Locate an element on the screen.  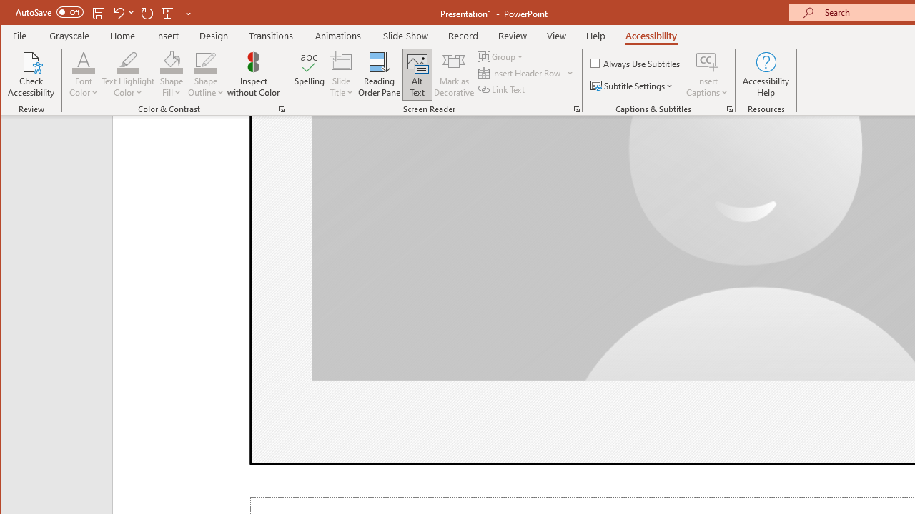
'Always Use Subtitles' is located at coordinates (635, 62).